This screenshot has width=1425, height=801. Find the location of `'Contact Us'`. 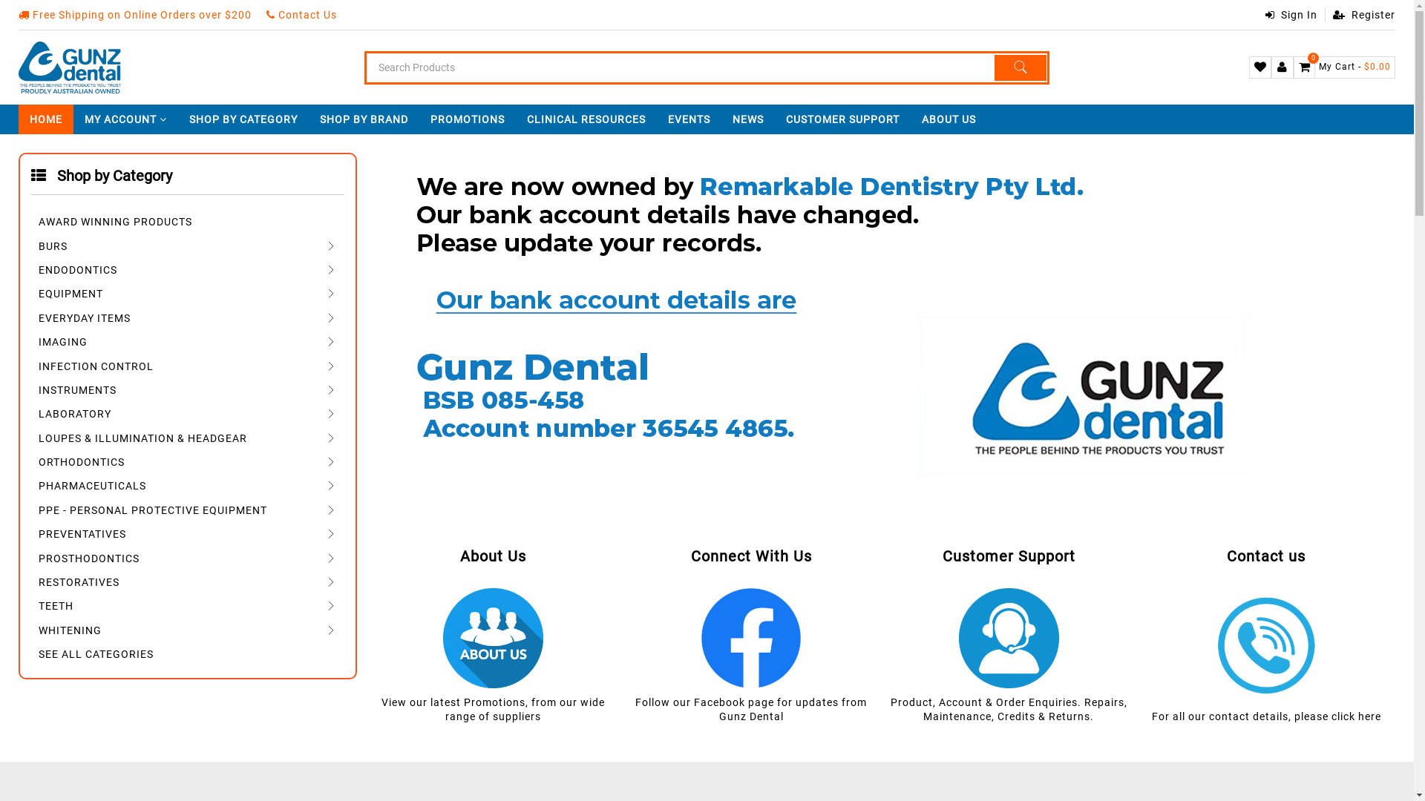

'Contact Us' is located at coordinates (301, 14).